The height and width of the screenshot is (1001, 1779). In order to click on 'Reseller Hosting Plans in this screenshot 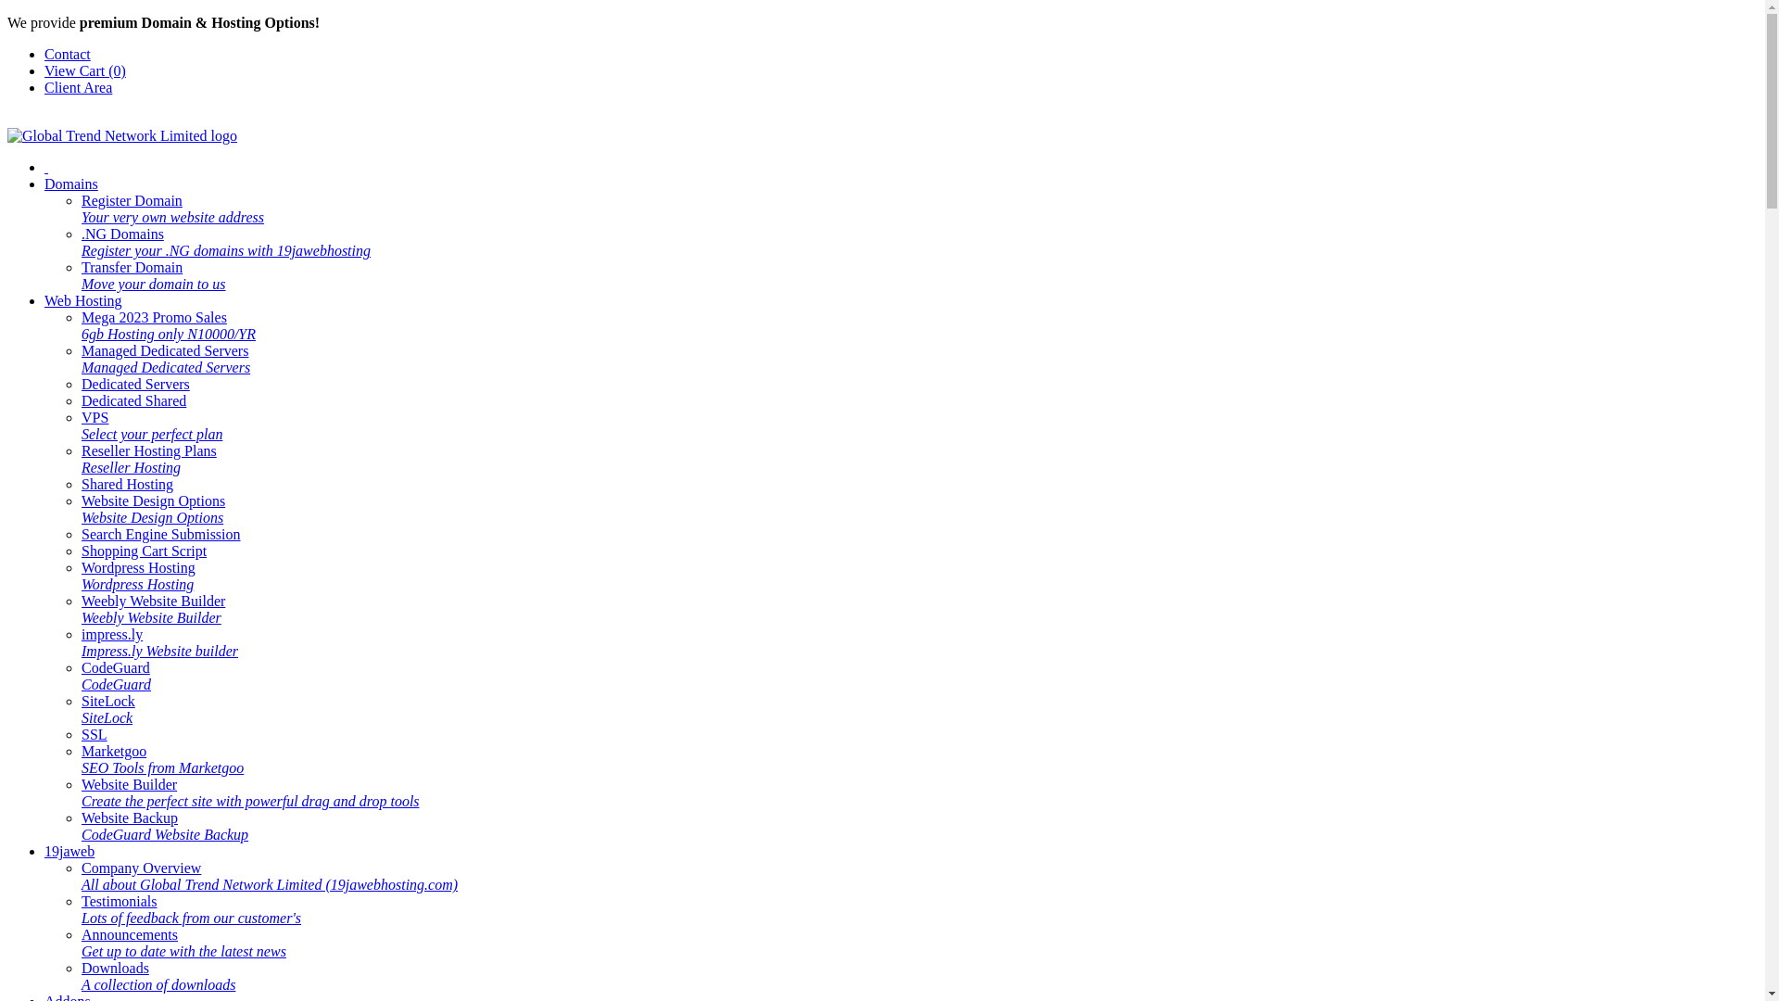, I will do `click(149, 459)`.